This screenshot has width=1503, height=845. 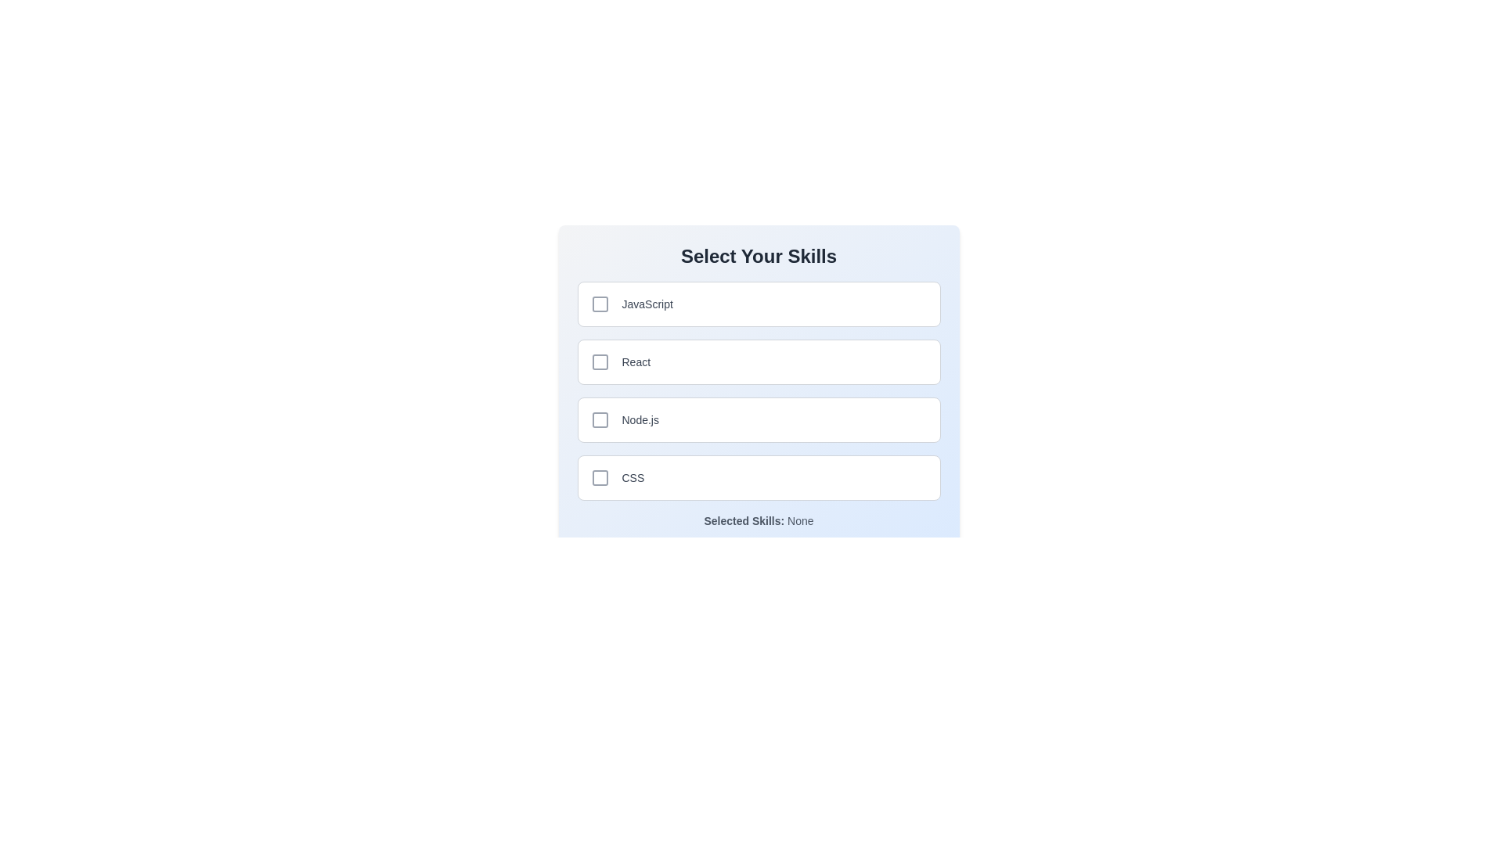 I want to click on the Label/Text Display that indicates the category 'Selected Skills:' which precedes the text span stating 'None', so click(x=743, y=521).